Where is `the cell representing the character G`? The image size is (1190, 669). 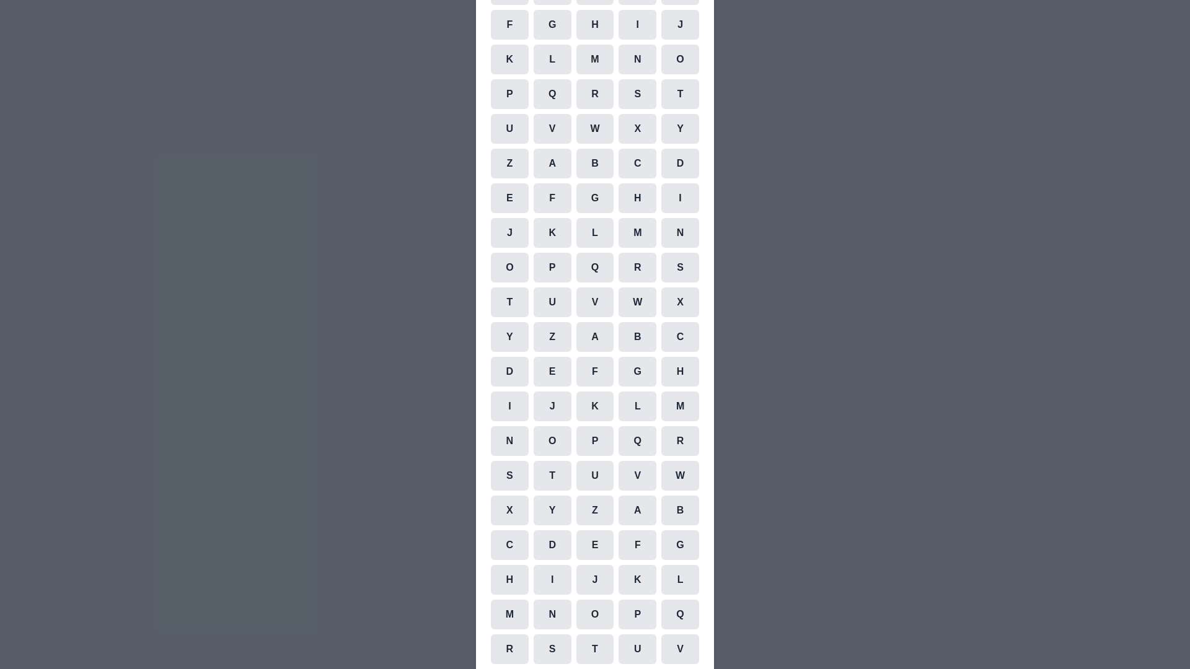
the cell representing the character G is located at coordinates (552, 24).